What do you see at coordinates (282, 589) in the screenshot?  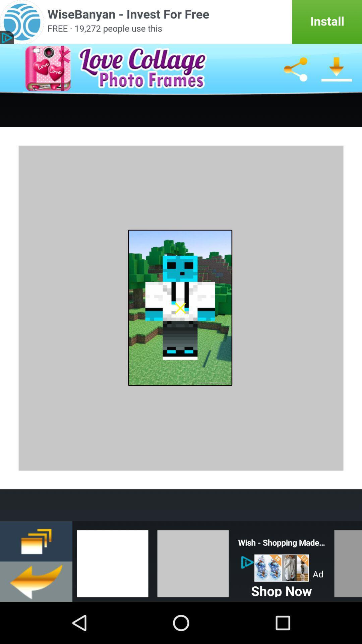 I see `the shop now` at bounding box center [282, 589].